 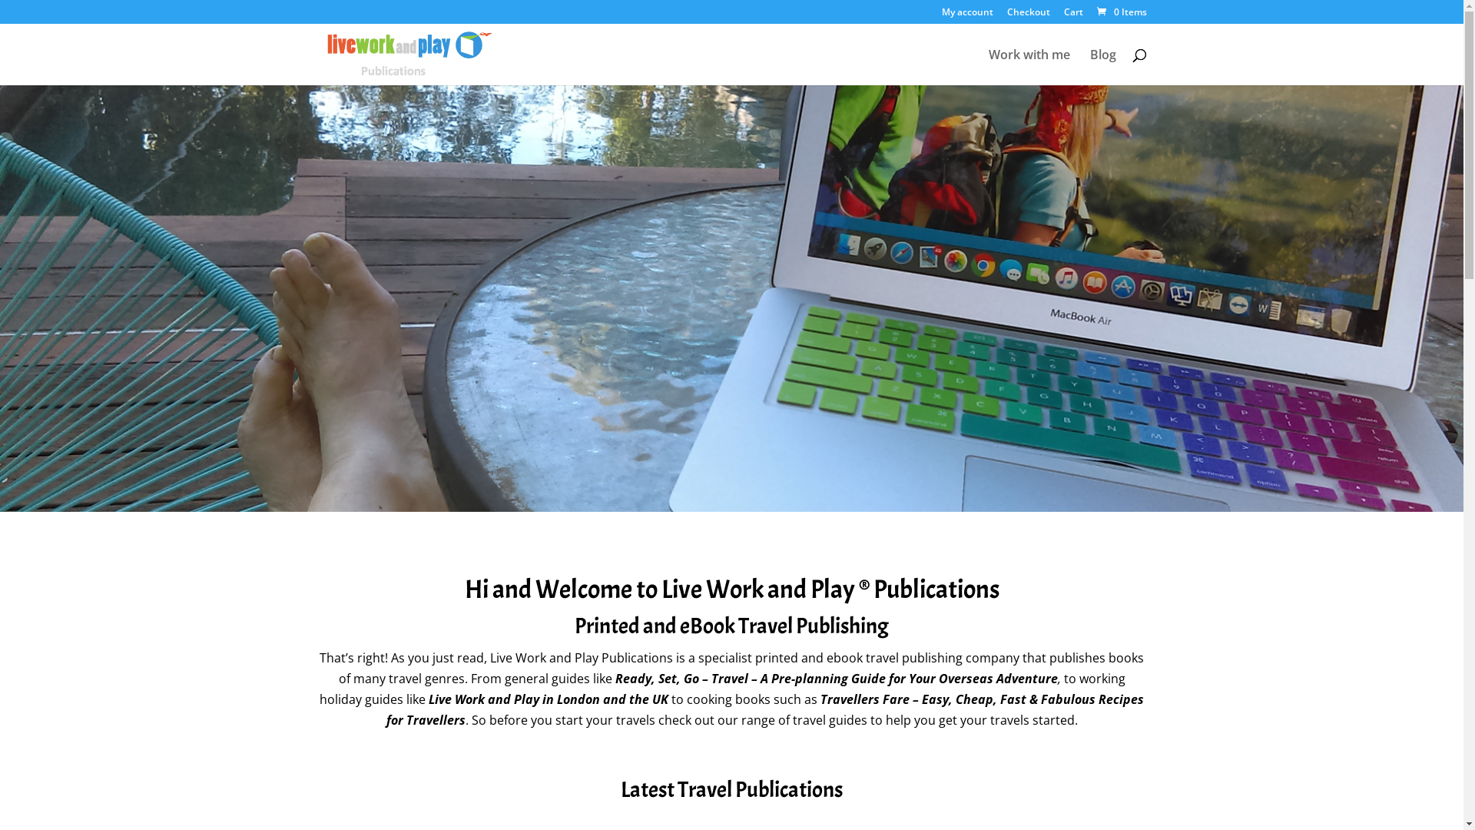 I want to click on 'Cart', so click(x=1072, y=15).